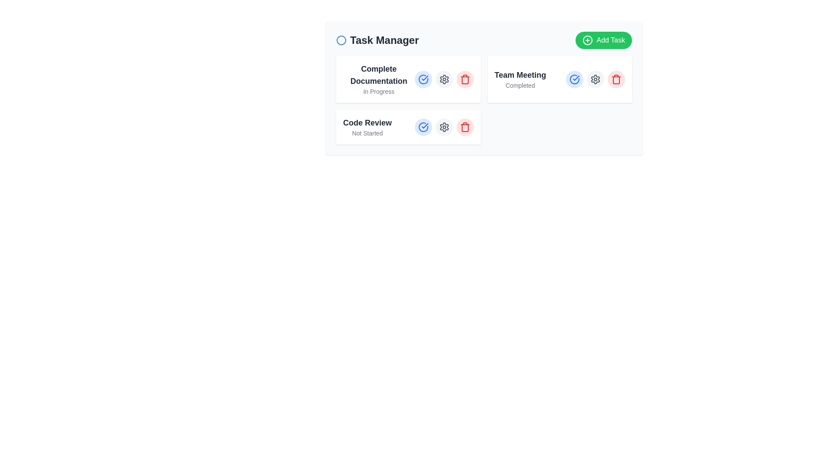  I want to click on the Text label that serves as the header for the 'Team Meeting' task, positioned above the 'Completed' text, so click(520, 75).